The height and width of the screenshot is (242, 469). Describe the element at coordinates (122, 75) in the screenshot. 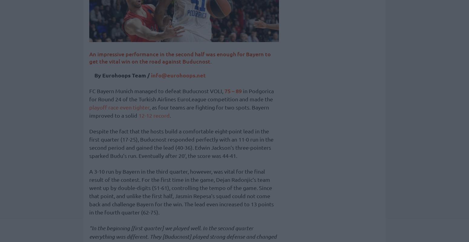

I see `'By Eurohoops Team /'` at that location.